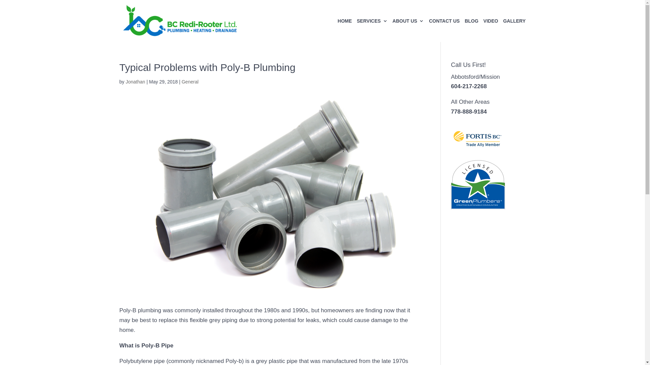 This screenshot has width=650, height=365. Describe the element at coordinates (190, 81) in the screenshot. I see `'General'` at that location.